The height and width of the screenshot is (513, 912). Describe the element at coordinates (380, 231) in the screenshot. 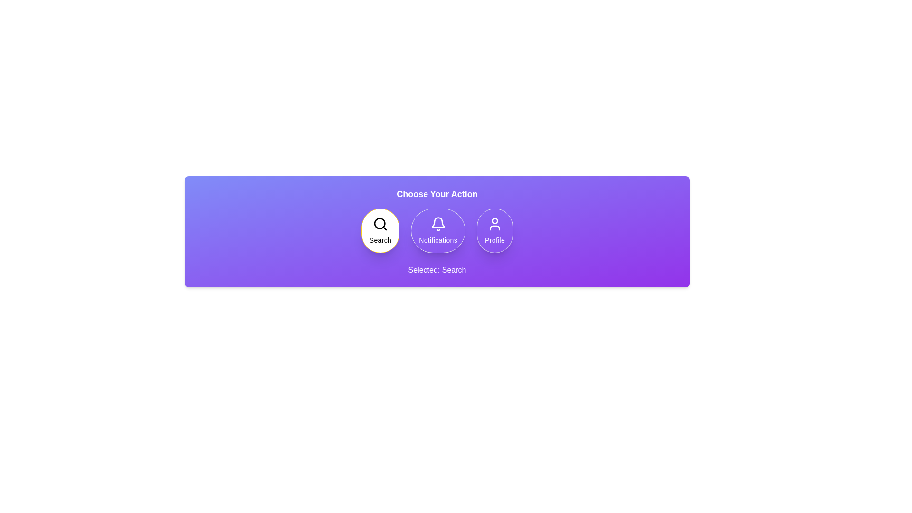

I see `the option Search by clicking on its corresponding button` at that location.